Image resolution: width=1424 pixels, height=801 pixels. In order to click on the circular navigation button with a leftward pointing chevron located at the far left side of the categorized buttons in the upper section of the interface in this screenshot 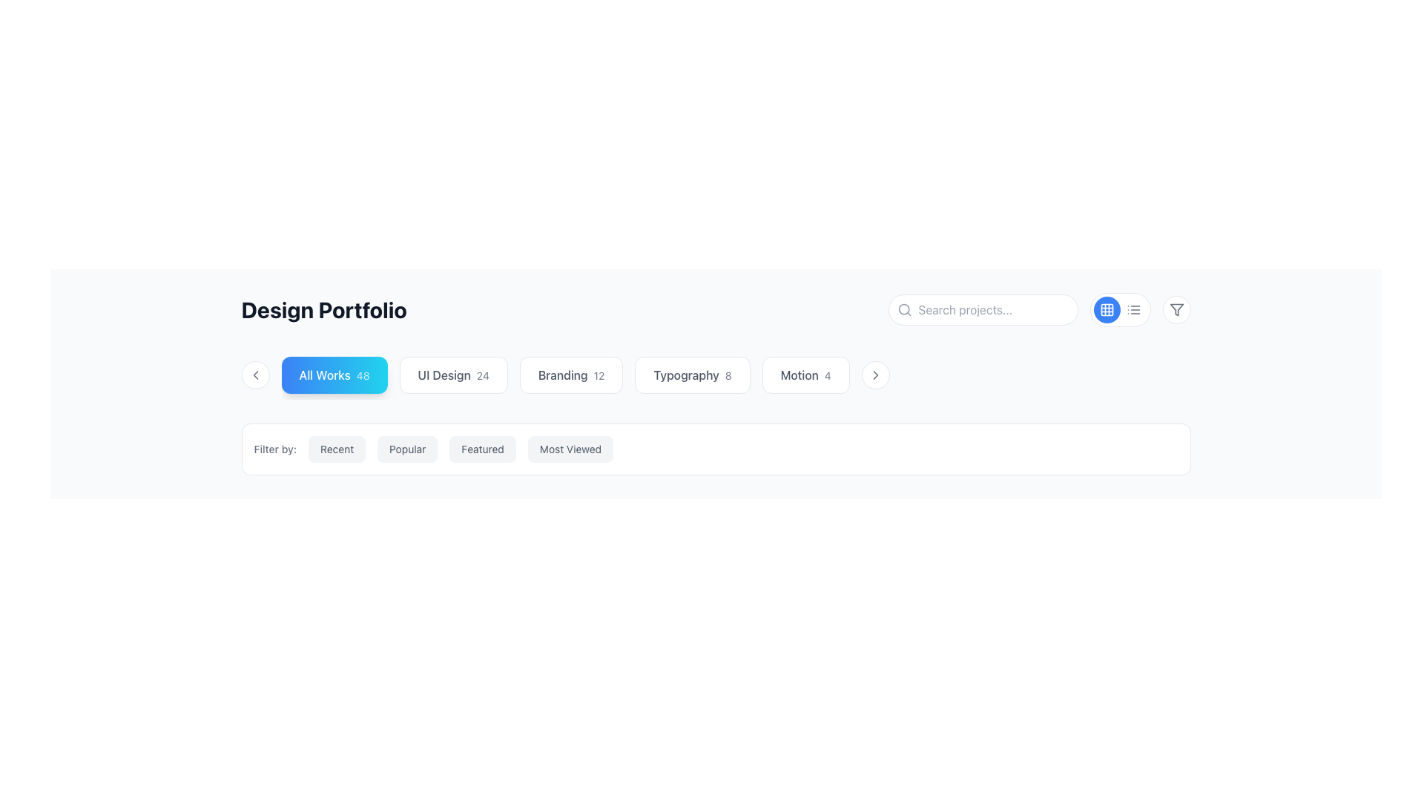, I will do `click(255, 374)`.